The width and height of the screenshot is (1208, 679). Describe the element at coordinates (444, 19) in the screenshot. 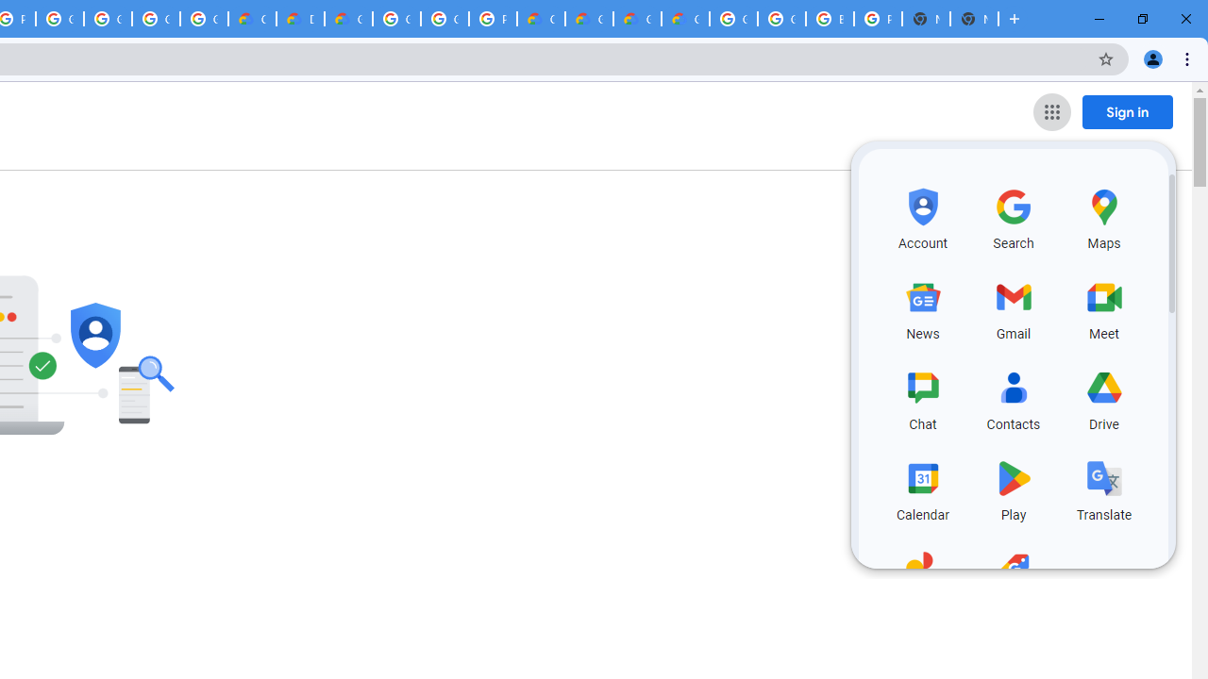

I see `'Google Cloud Platform'` at that location.